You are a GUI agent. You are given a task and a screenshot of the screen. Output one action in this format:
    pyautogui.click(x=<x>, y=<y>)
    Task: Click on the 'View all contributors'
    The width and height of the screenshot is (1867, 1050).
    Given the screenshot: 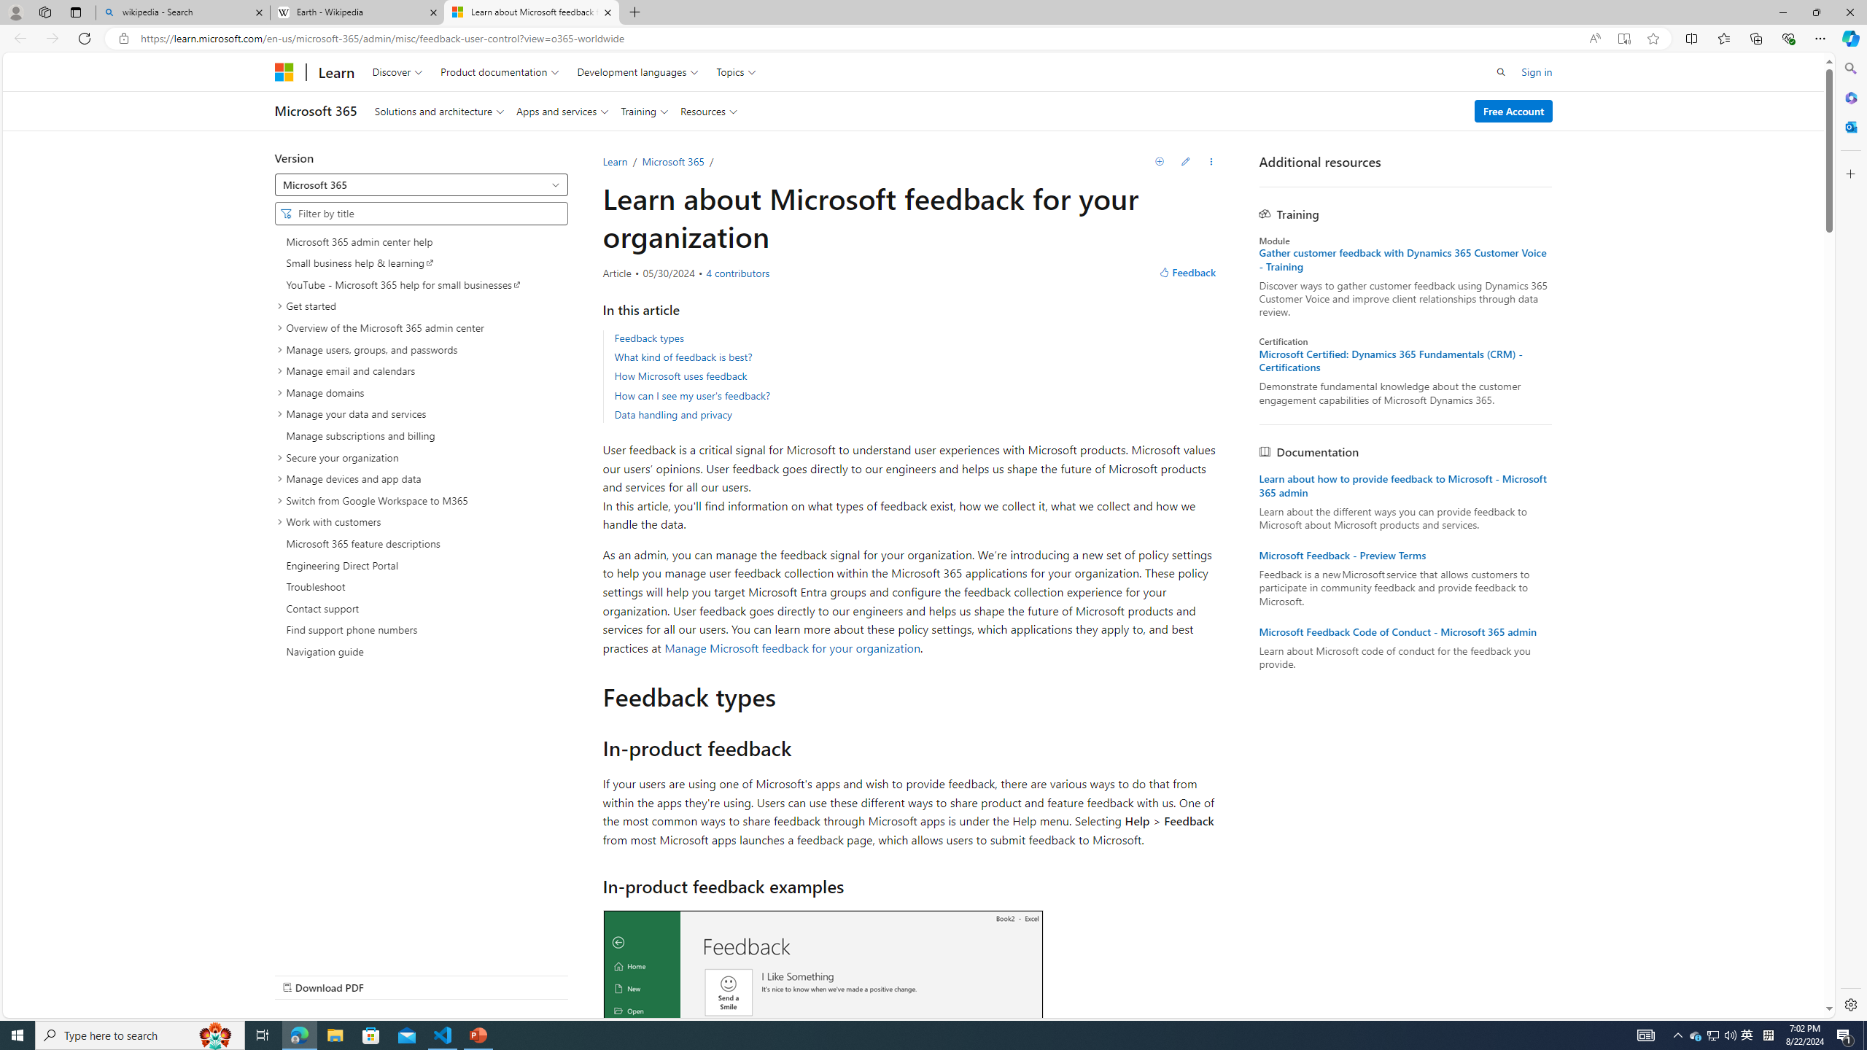 What is the action you would take?
    pyautogui.click(x=737, y=273)
    